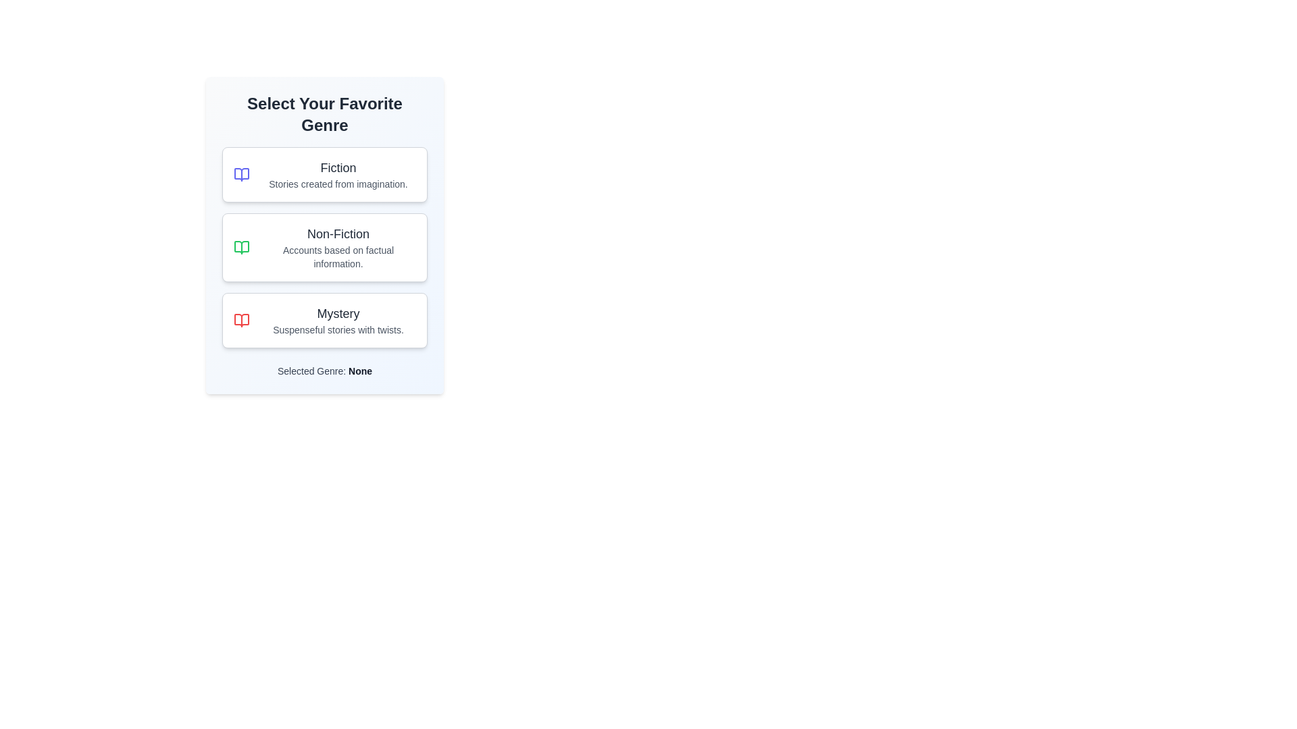 This screenshot has height=729, width=1297. Describe the element at coordinates (338, 247) in the screenshot. I see `the text label that describes the literary genre 'Non-Fiction', which is located in the second rectangular card from the top in a vertically aligned list of genre cards` at that location.